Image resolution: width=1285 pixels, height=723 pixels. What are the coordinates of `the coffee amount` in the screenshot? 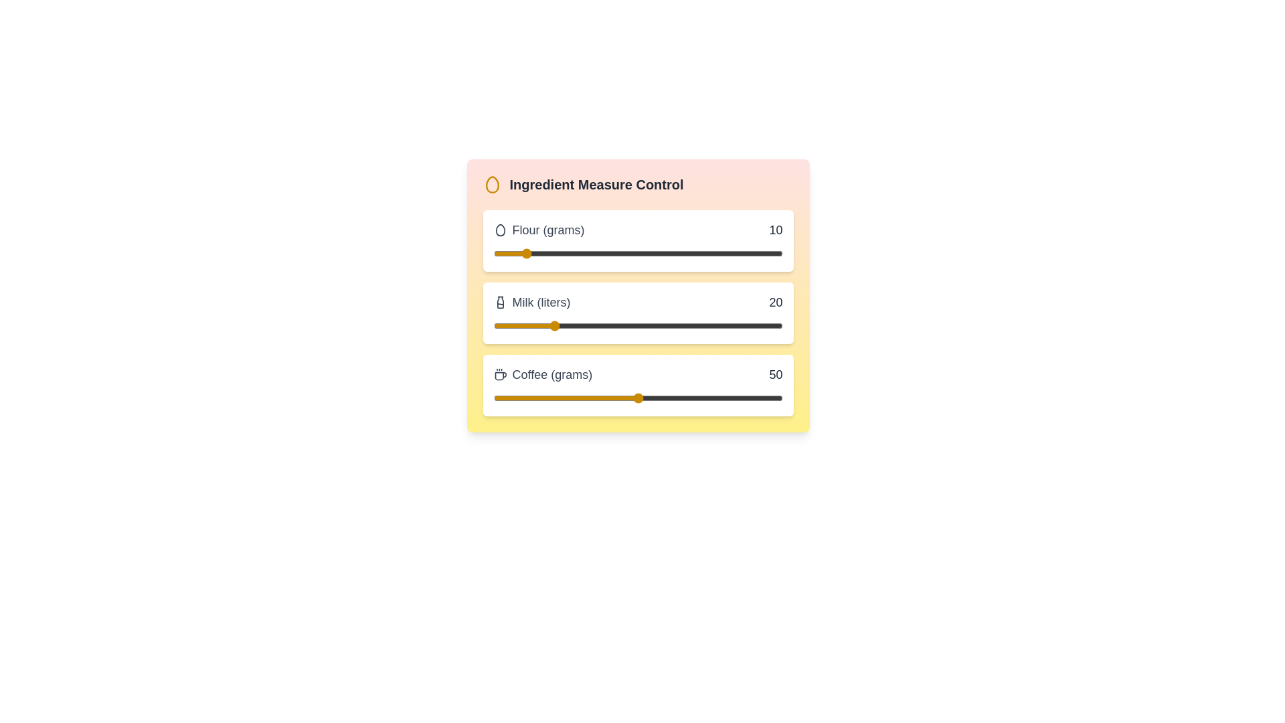 It's located at (684, 397).